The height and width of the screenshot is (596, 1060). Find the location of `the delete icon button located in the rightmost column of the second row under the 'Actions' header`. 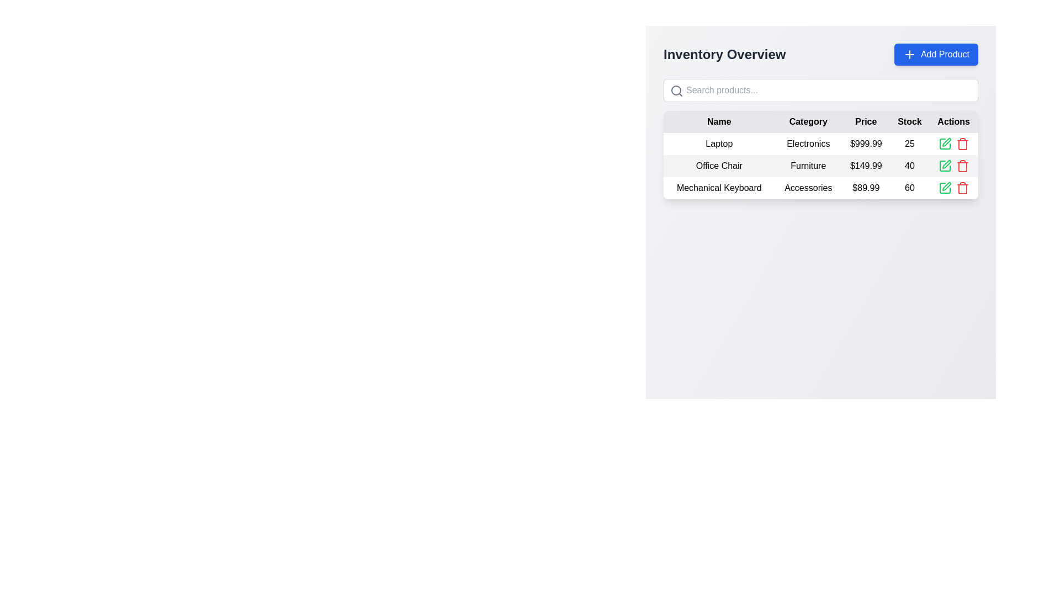

the delete icon button located in the rightmost column of the second row under the 'Actions' header is located at coordinates (962, 166).